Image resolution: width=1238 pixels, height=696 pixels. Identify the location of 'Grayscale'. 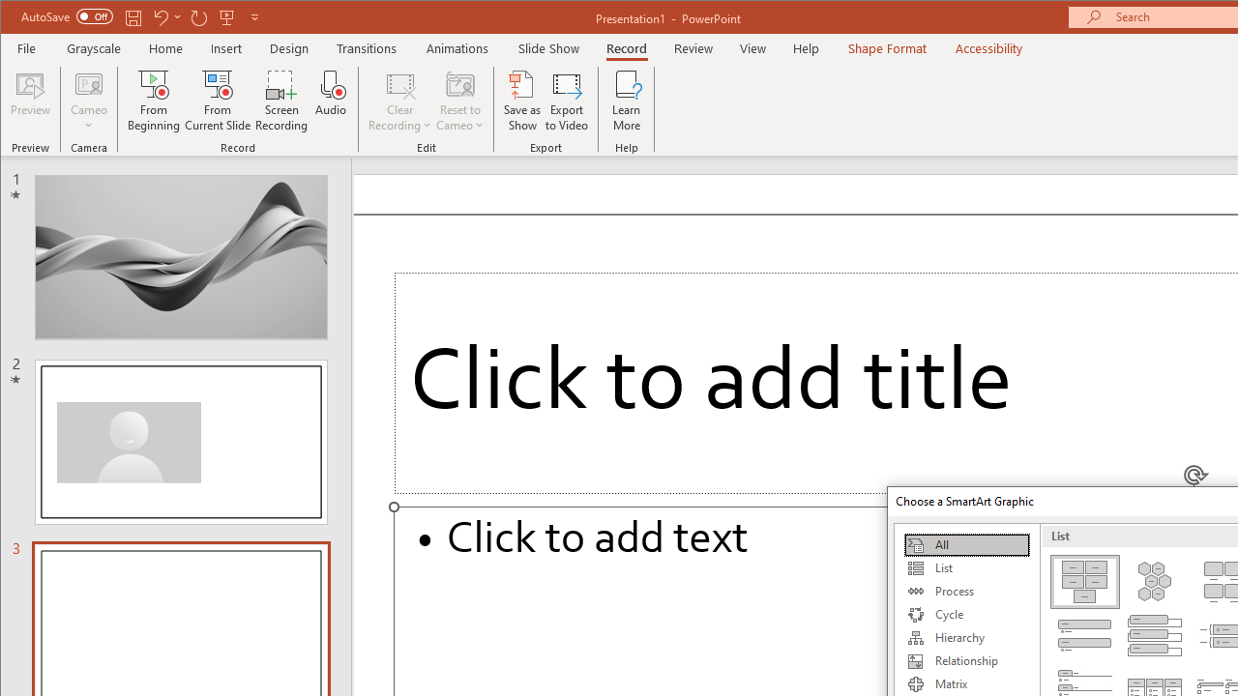
(93, 47).